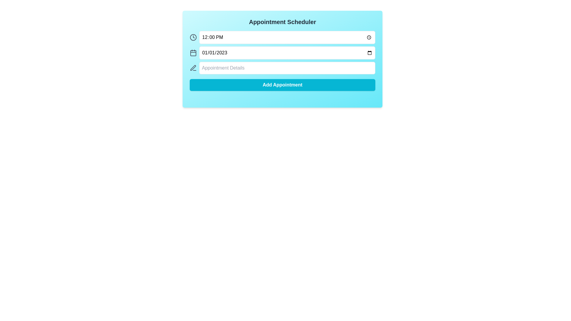  What do you see at coordinates (193, 67) in the screenshot?
I see `the graphical response of the edit icon located to the left of the 'Appointment Details' input field` at bounding box center [193, 67].